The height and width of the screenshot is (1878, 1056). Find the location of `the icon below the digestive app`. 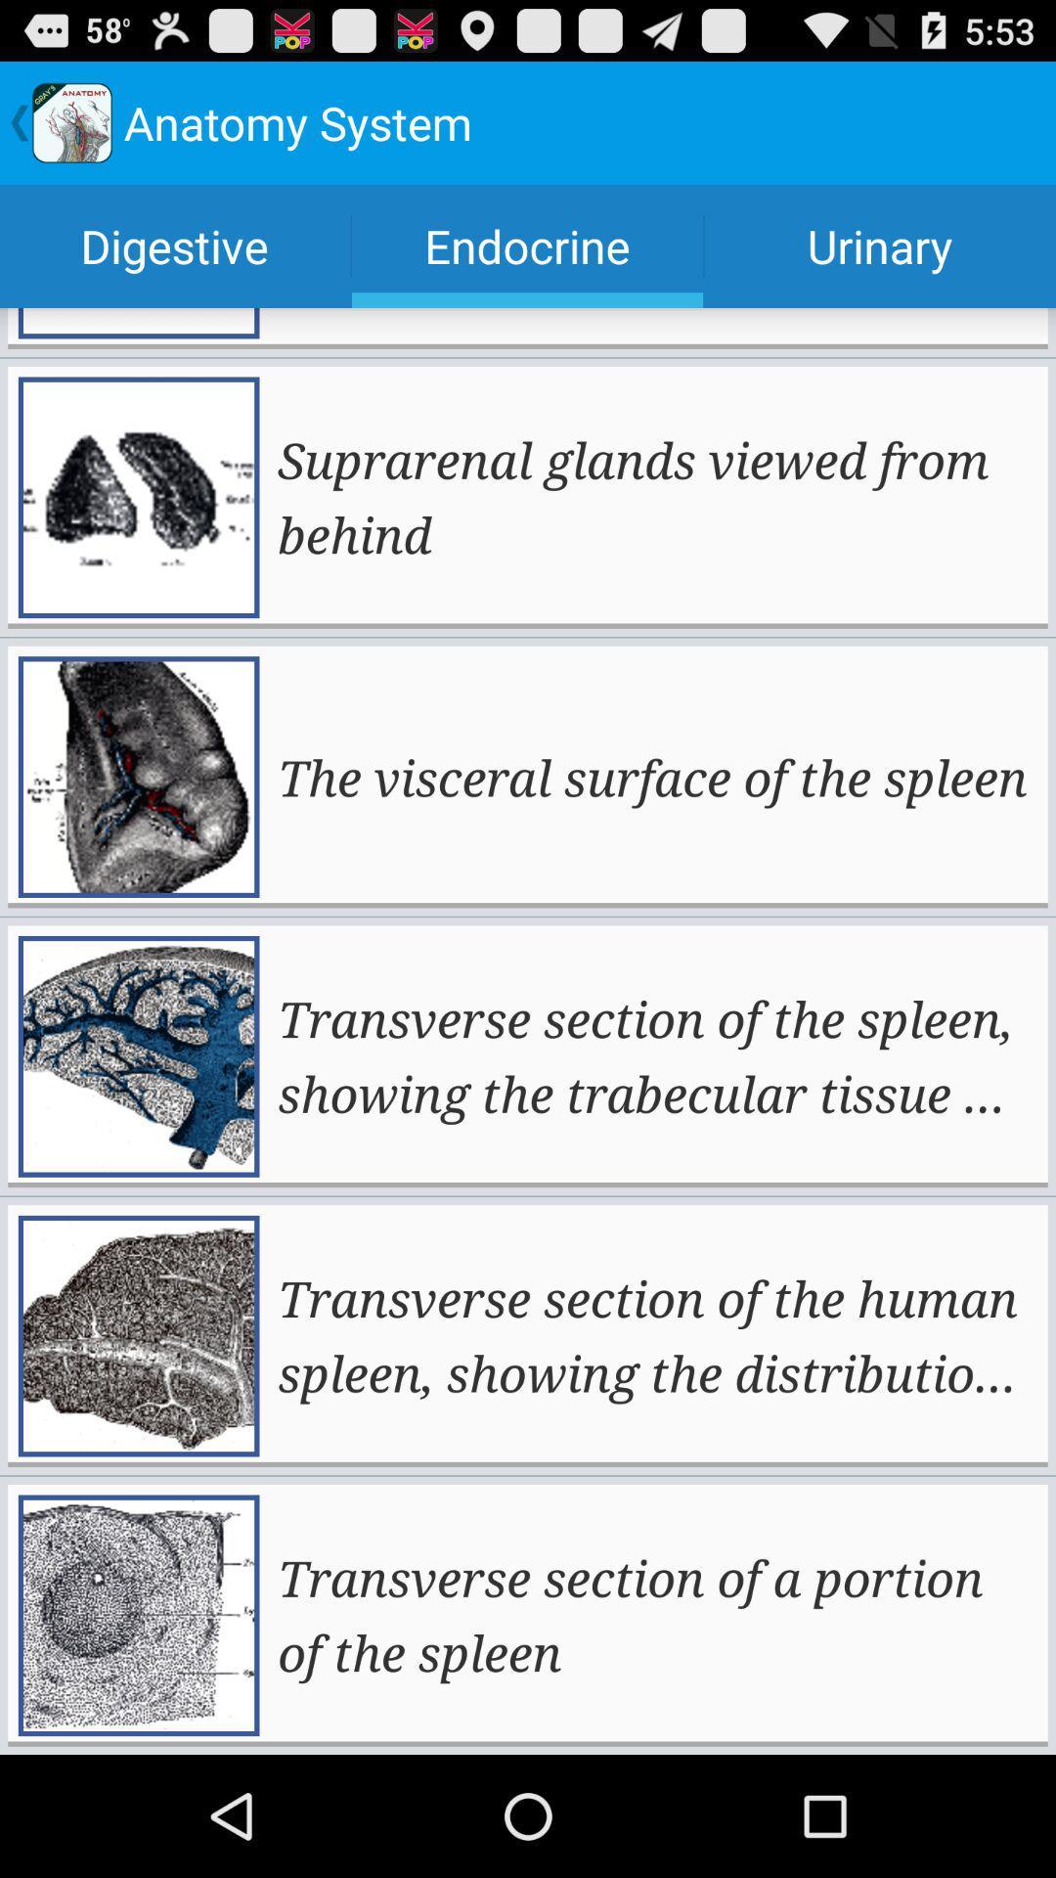

the icon below the digestive app is located at coordinates (655, 497).